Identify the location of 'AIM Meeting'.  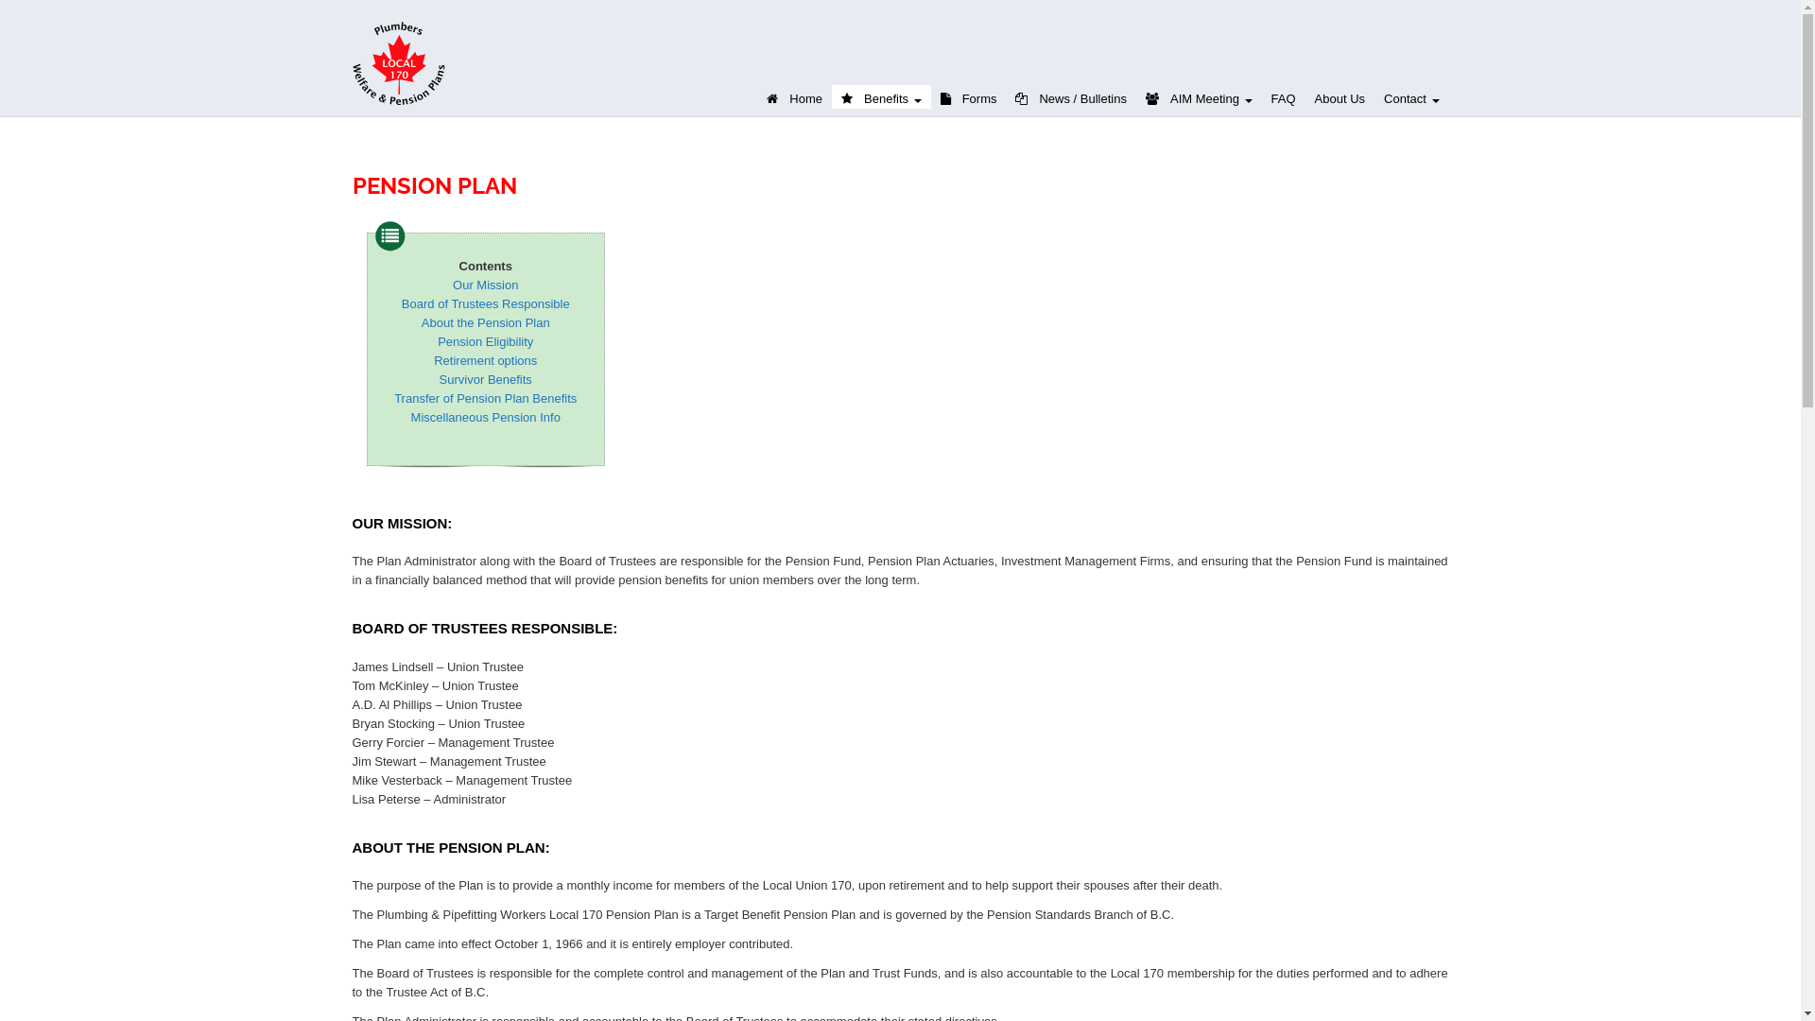
(1134, 96).